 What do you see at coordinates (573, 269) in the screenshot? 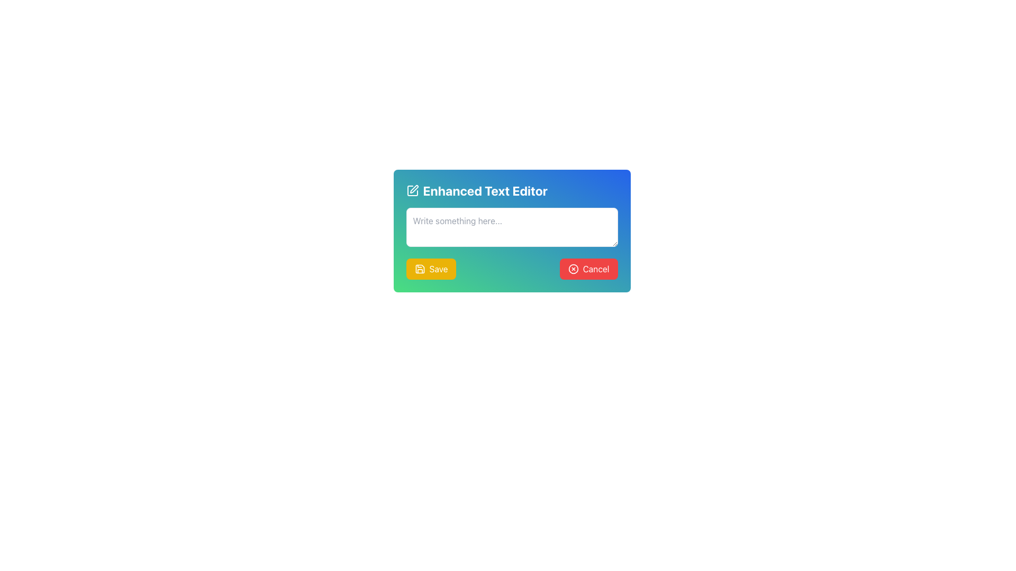
I see `the SVG Circle located in the top-right corner of the interface, part of an interactive card with buttons labeled 'Save' and 'Cancel'` at bounding box center [573, 269].